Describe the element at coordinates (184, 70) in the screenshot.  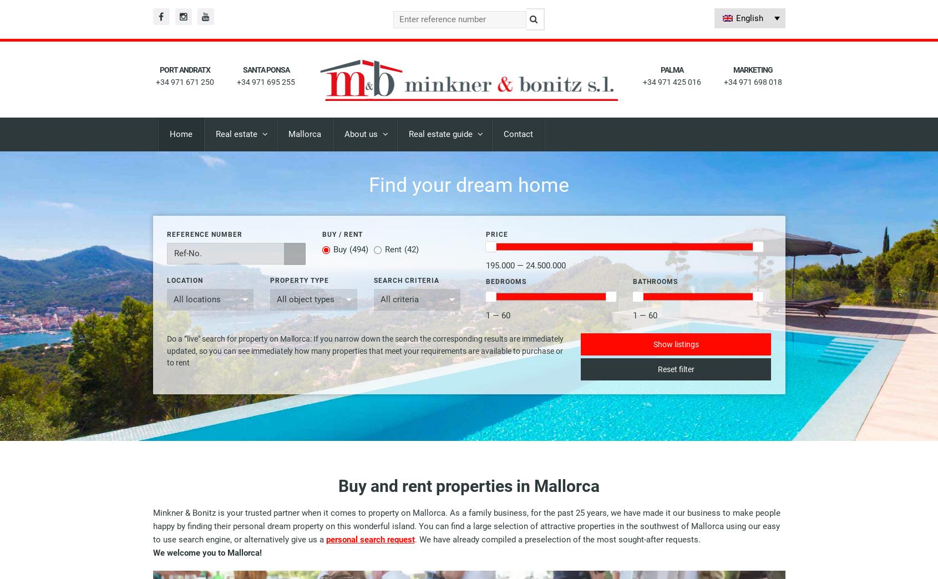
I see `'Port Andratx'` at that location.